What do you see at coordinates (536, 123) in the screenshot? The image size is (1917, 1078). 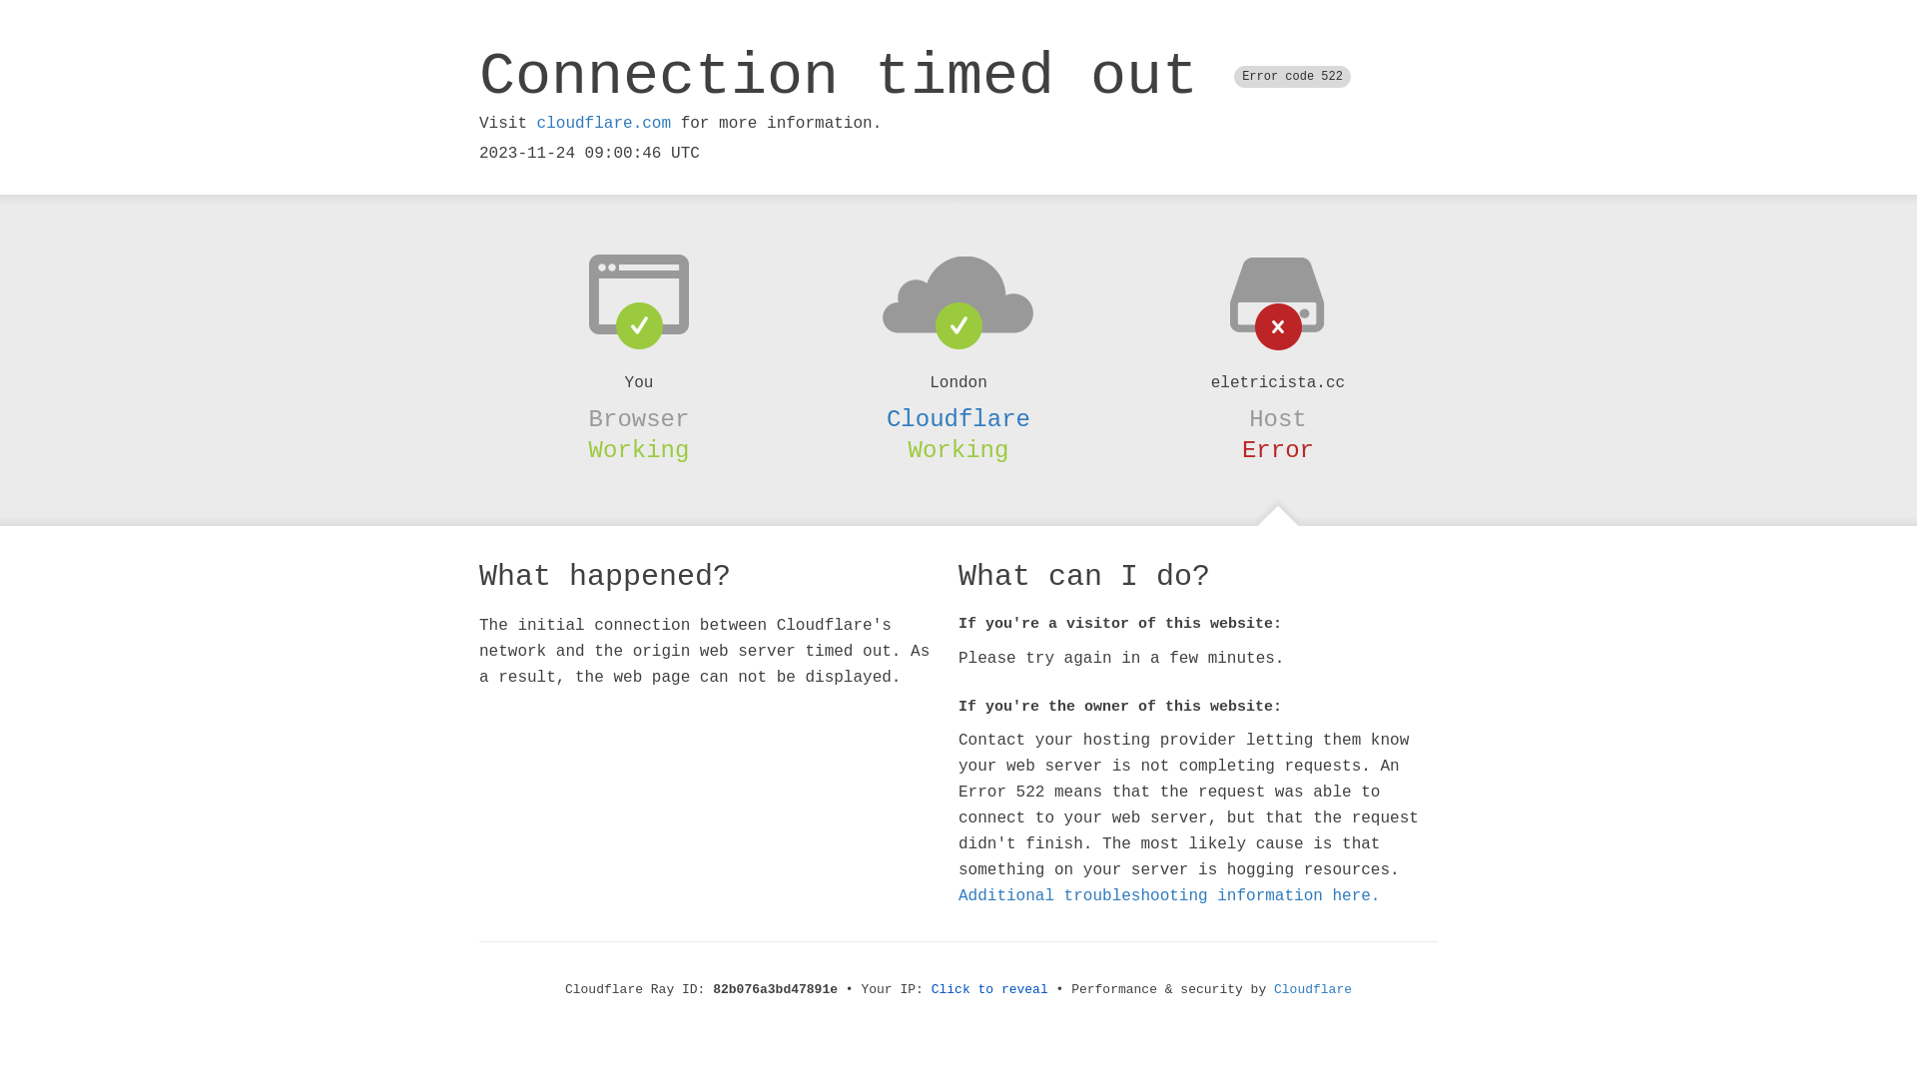 I see `'cloudflare.com'` at bounding box center [536, 123].